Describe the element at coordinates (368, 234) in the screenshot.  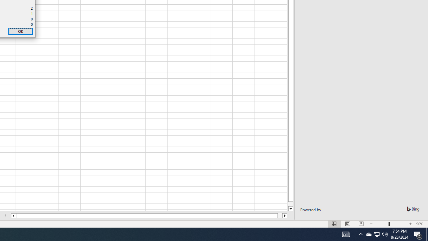
I see `'User Promoted Notification Area'` at that location.